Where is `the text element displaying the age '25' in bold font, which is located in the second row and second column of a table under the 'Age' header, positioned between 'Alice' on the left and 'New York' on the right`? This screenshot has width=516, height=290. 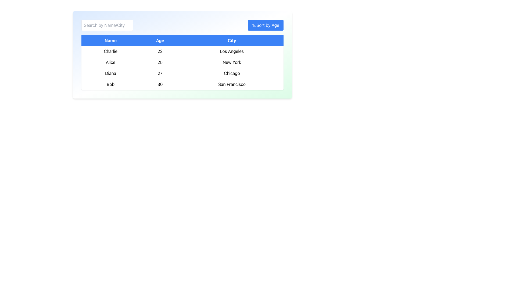
the text element displaying the age '25' in bold font, which is located in the second row and second column of a table under the 'Age' header, positioned between 'Alice' on the left and 'New York' on the right is located at coordinates (160, 62).